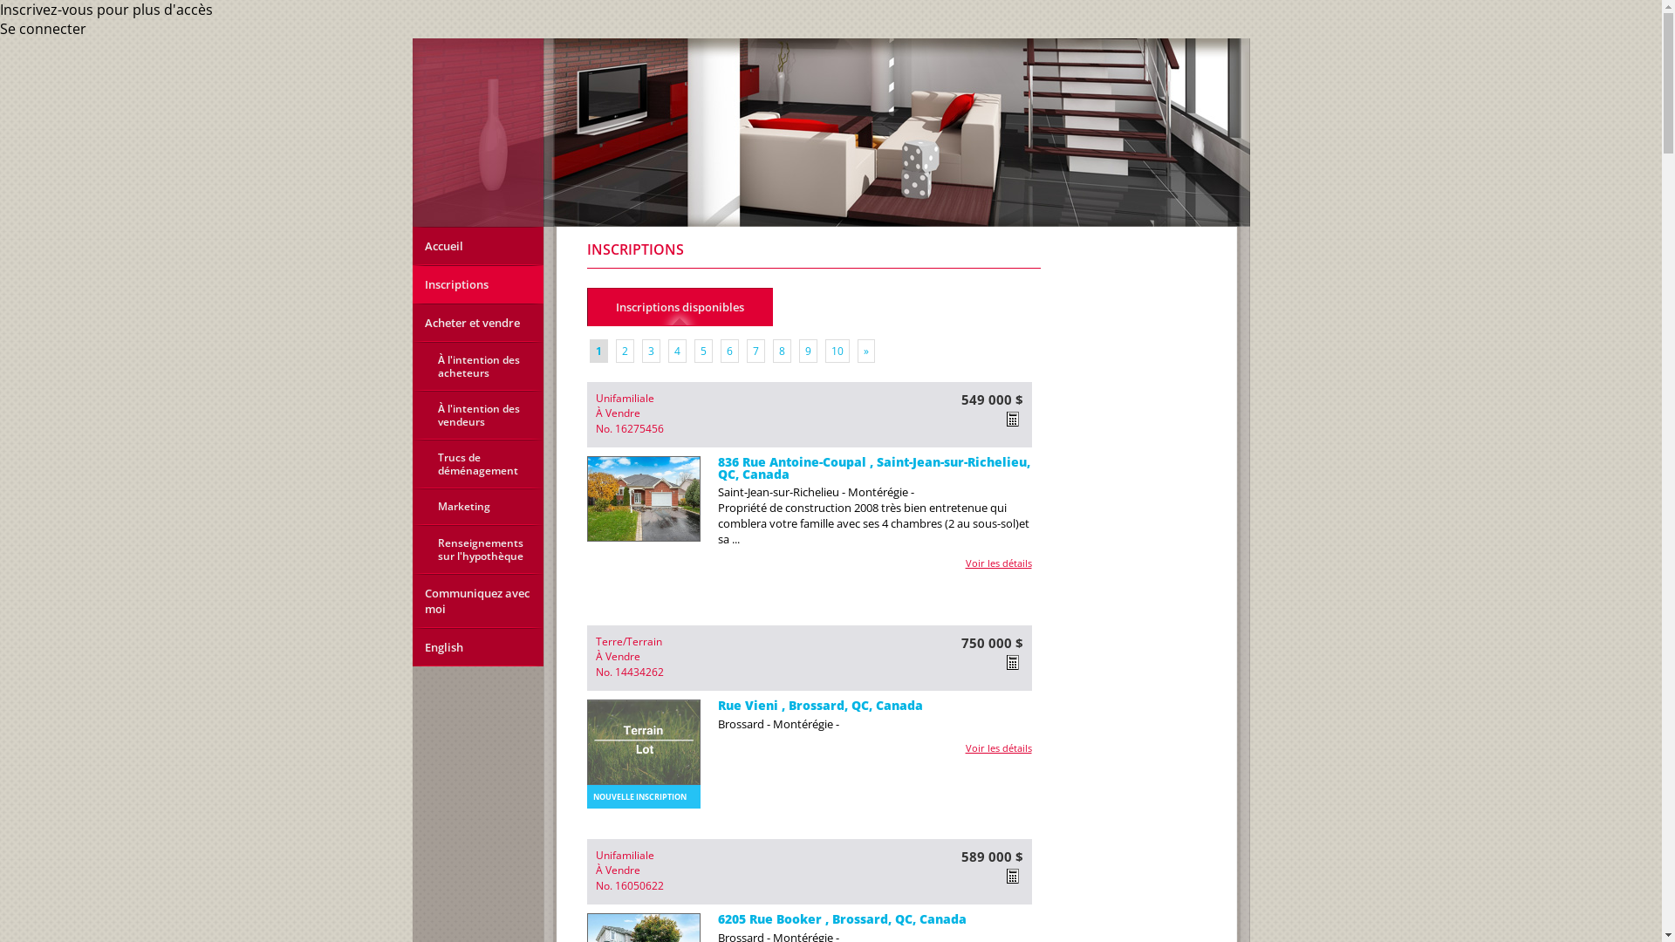  What do you see at coordinates (477, 283) in the screenshot?
I see `'Inscriptions'` at bounding box center [477, 283].